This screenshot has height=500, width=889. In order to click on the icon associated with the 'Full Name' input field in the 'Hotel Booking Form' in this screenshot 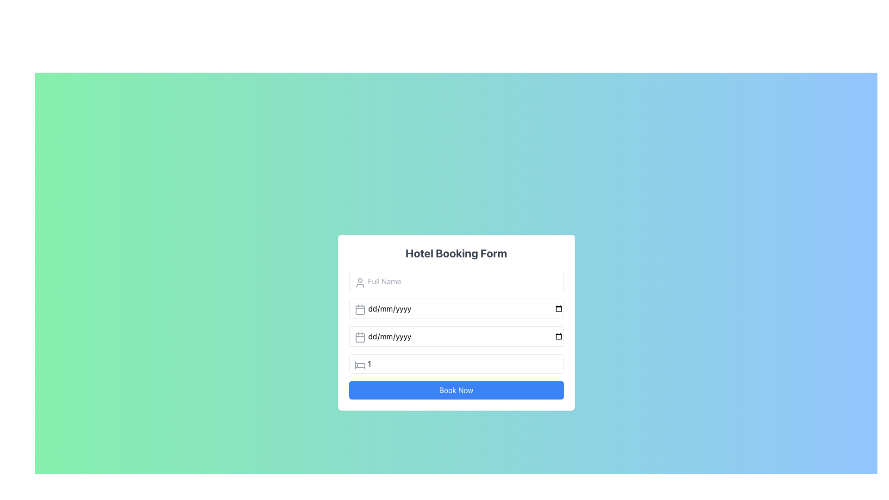, I will do `click(359, 282)`.